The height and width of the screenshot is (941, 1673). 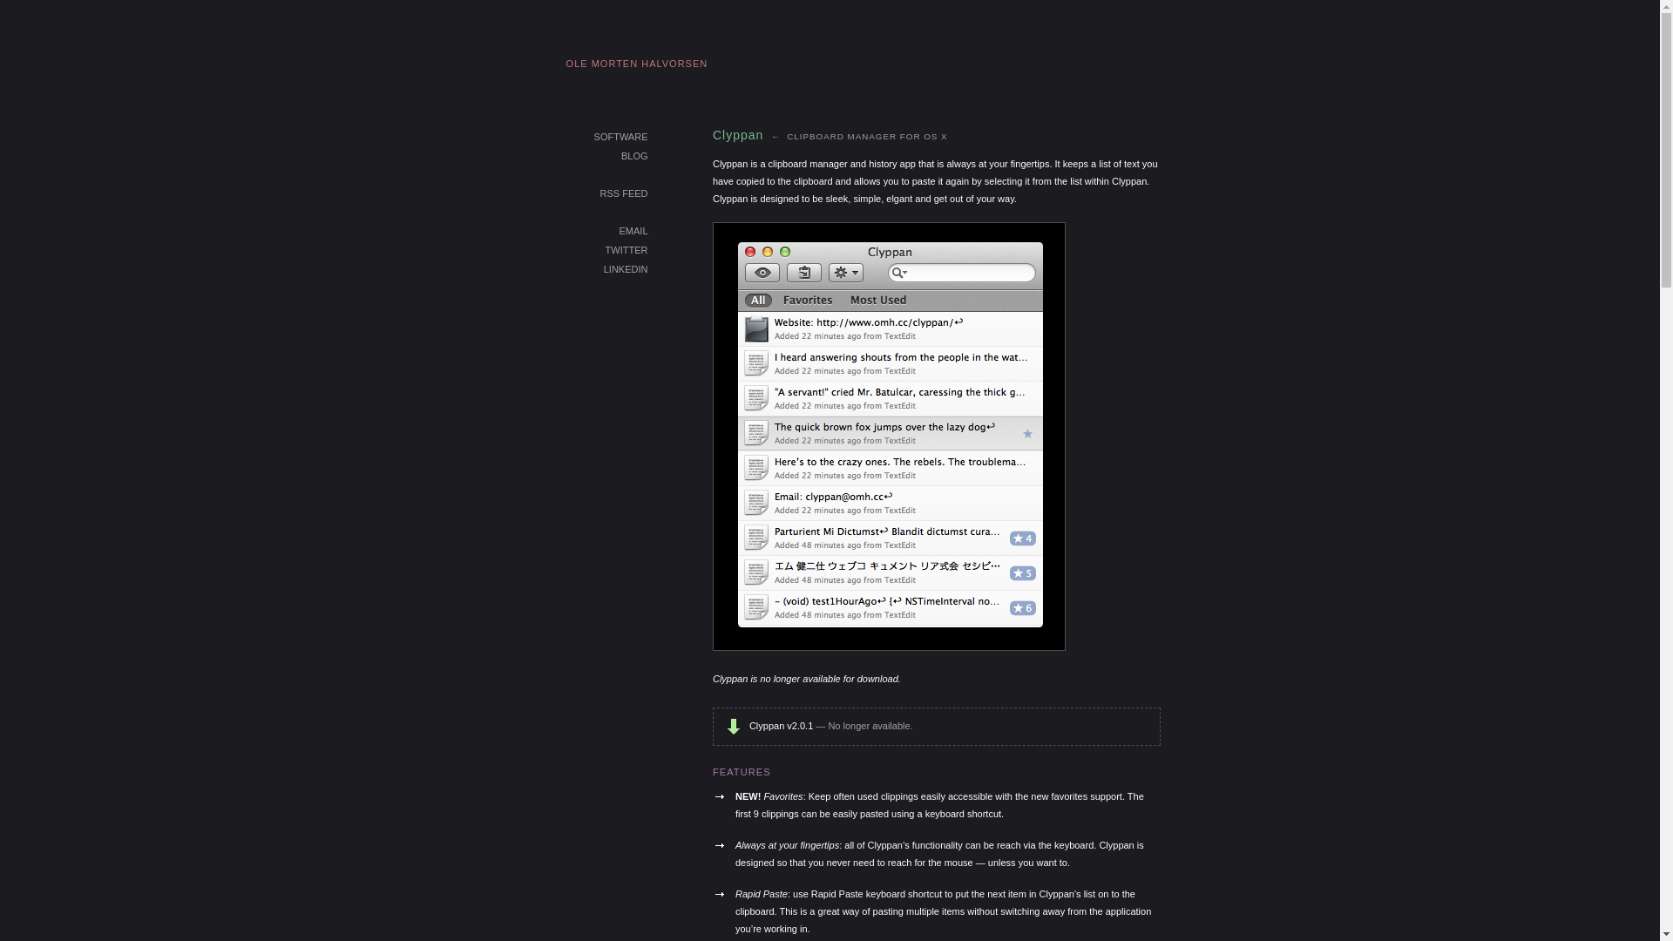 What do you see at coordinates (623, 194) in the screenshot?
I see `'RSS FEED'` at bounding box center [623, 194].